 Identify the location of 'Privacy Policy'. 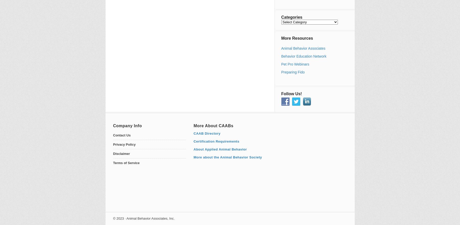
(124, 144).